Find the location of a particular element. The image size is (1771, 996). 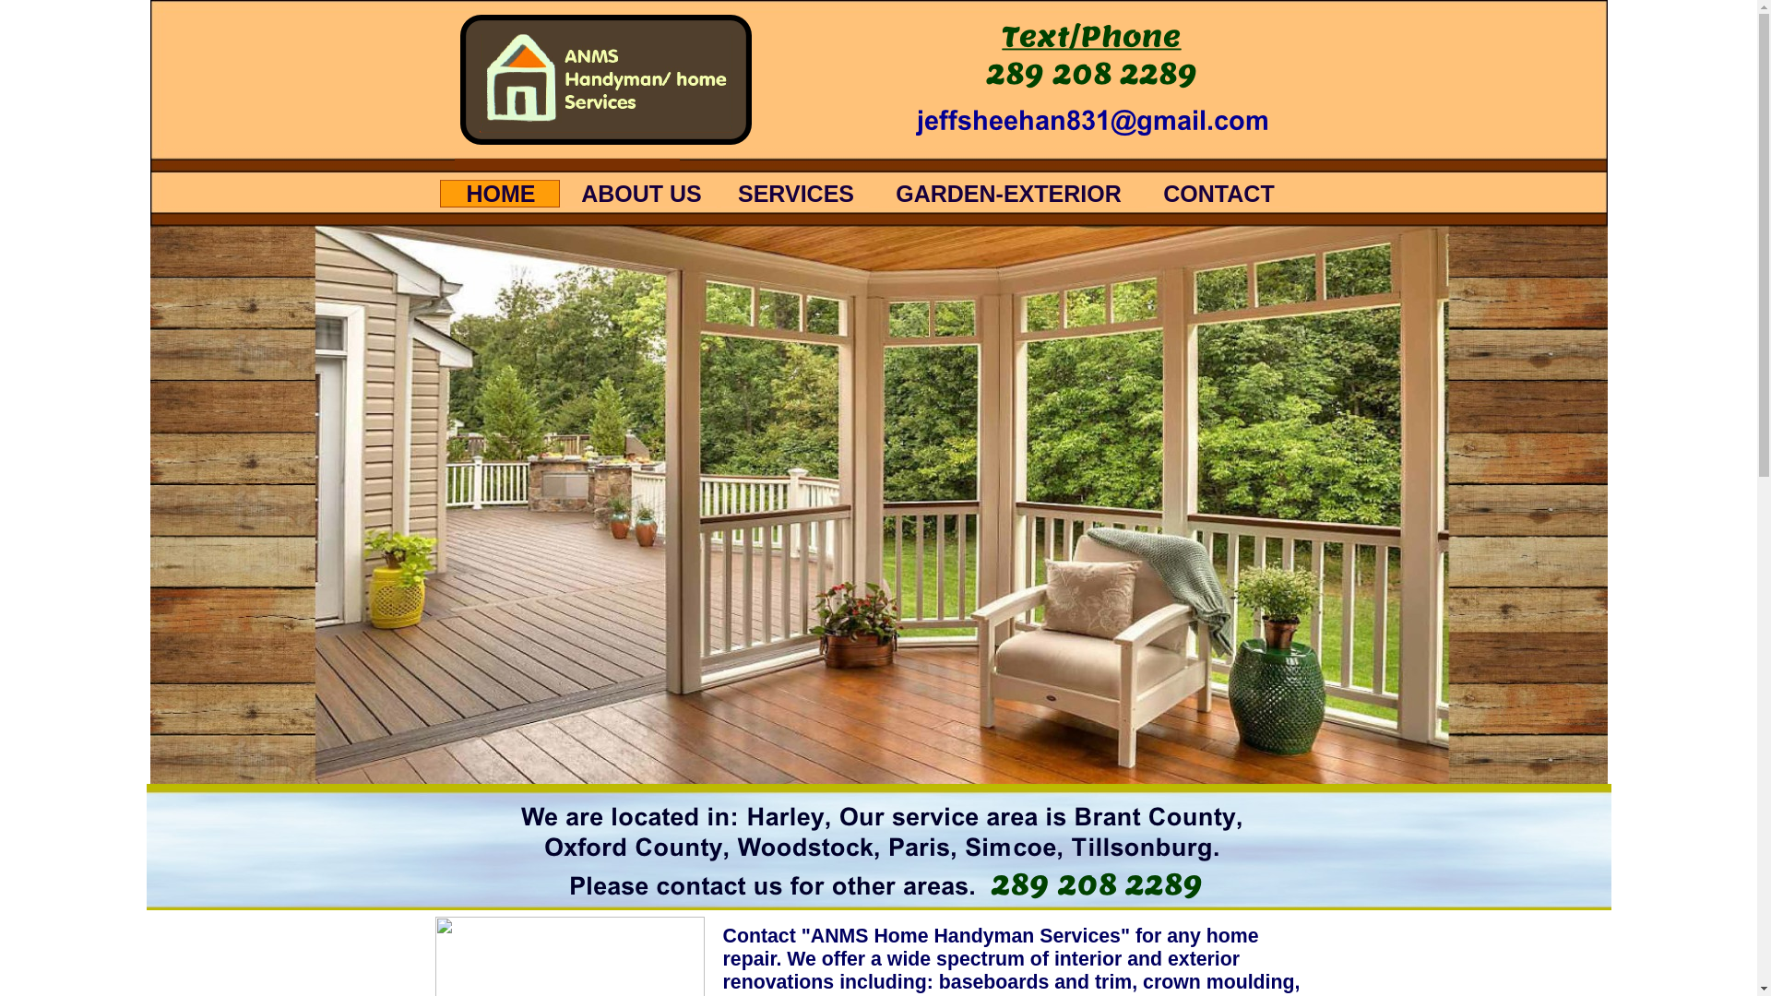

'SERVICES' is located at coordinates (795, 193).